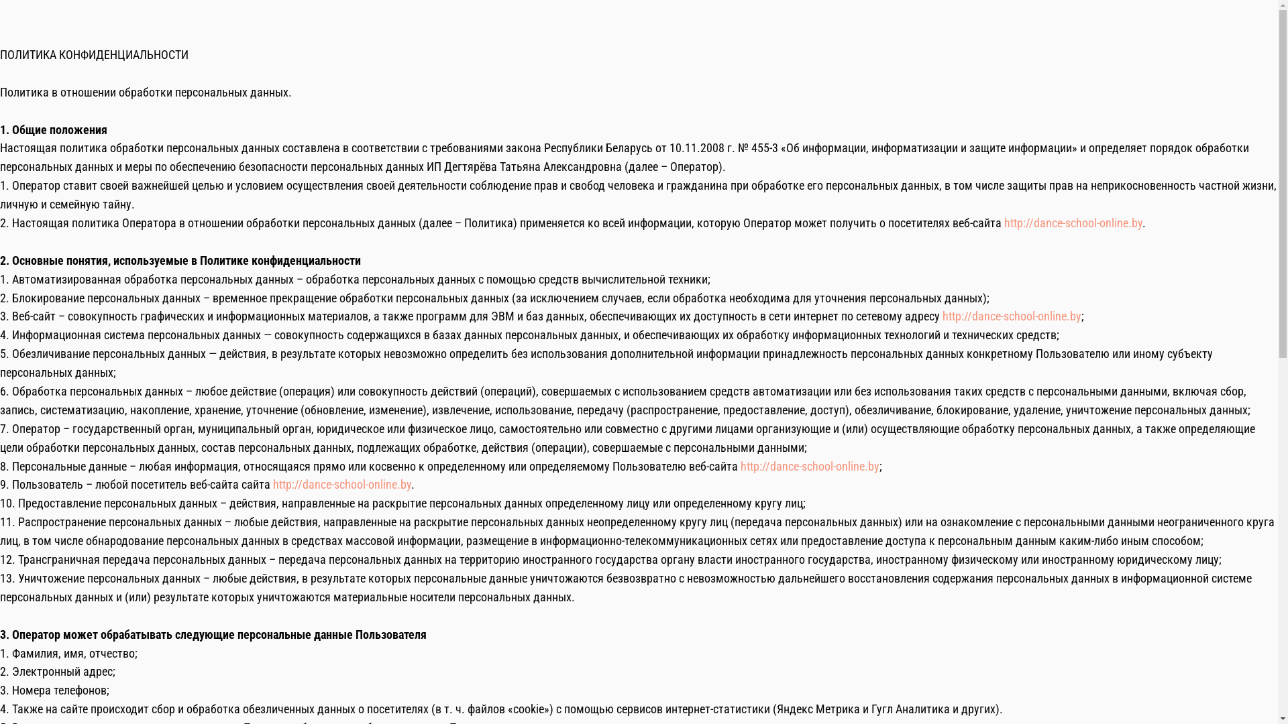 The height and width of the screenshot is (724, 1288). I want to click on 'http://dance-school-online.by', so click(341, 484).